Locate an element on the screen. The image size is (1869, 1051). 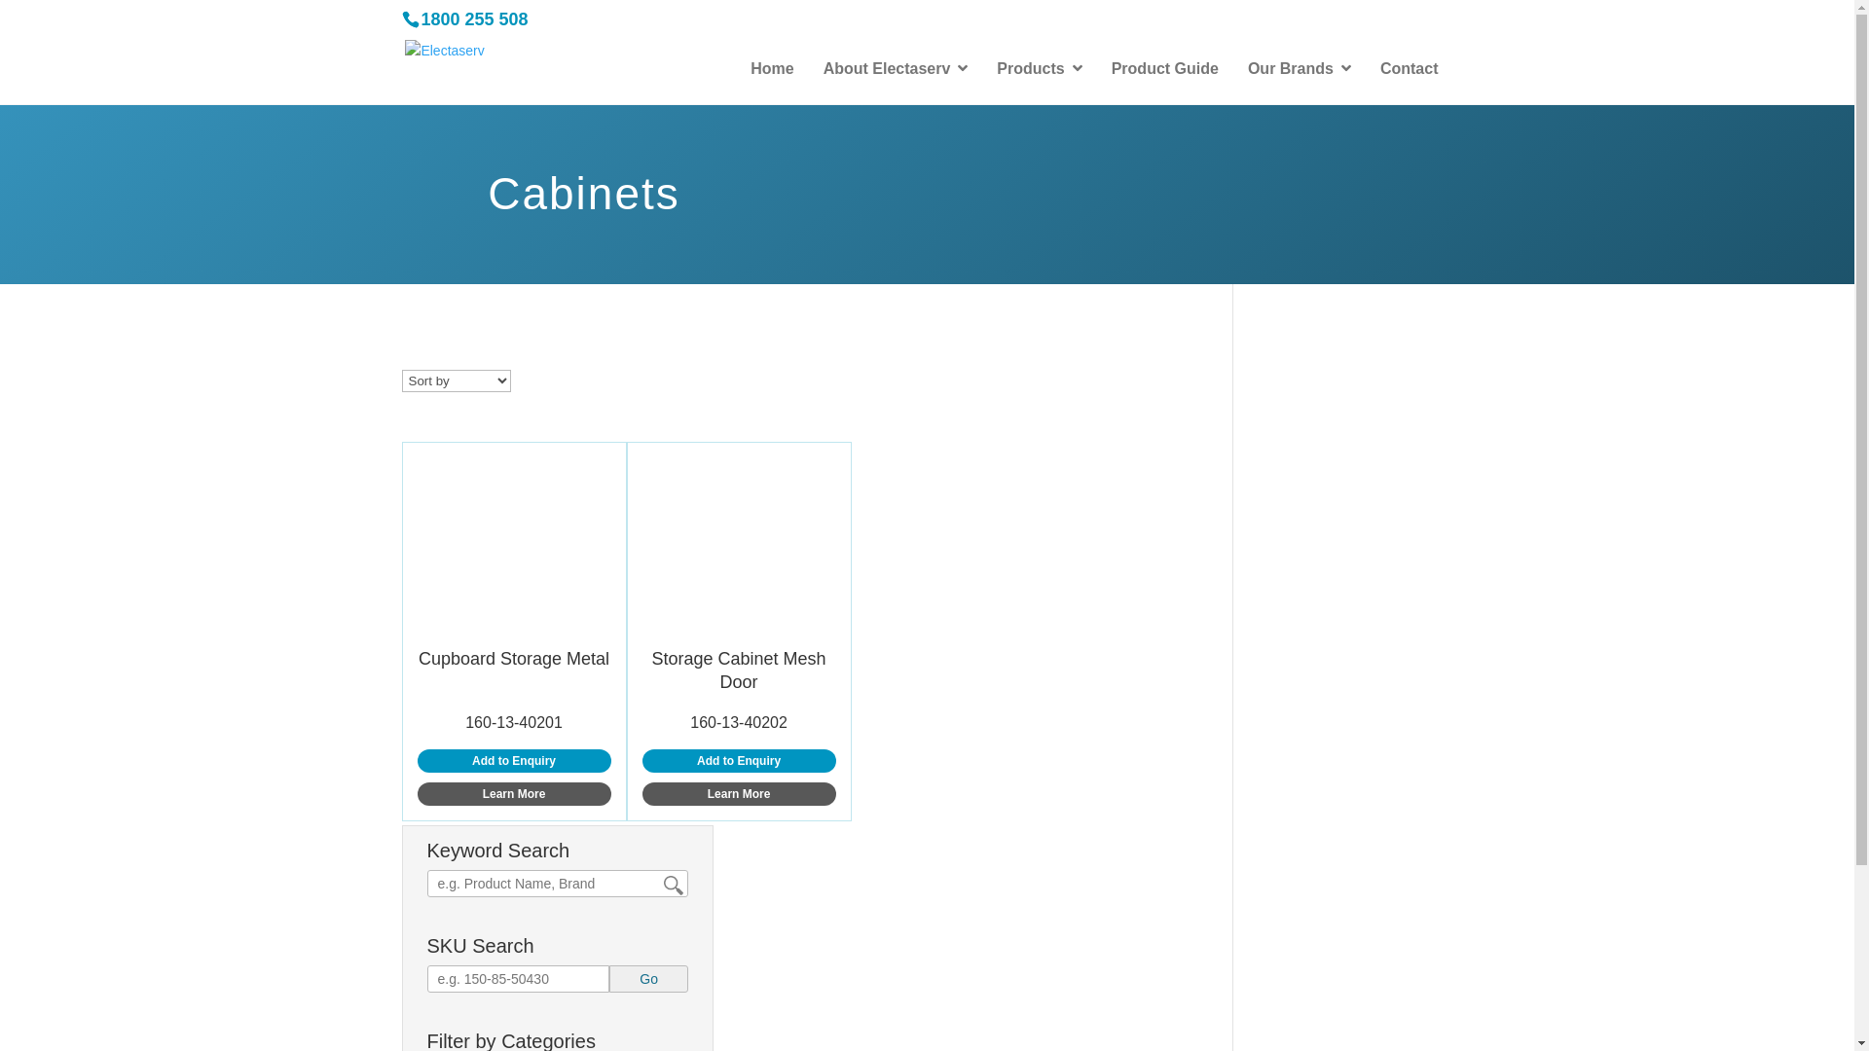
'1800 255 508' is located at coordinates (473, 18).